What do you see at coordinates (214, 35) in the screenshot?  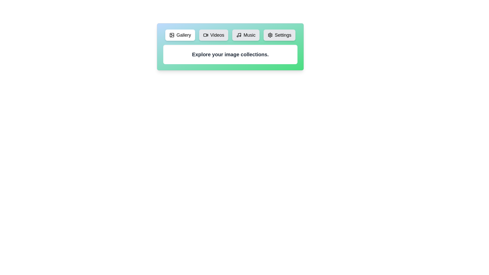 I see `the tab labeled Videos to view its content` at bounding box center [214, 35].